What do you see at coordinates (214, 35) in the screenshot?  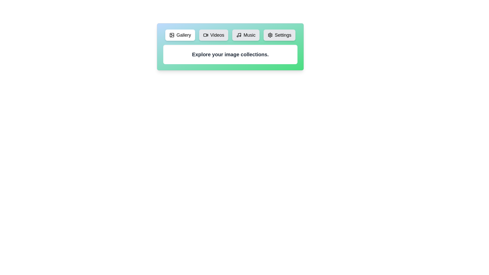 I see `the tab labeled Videos to view its content` at bounding box center [214, 35].